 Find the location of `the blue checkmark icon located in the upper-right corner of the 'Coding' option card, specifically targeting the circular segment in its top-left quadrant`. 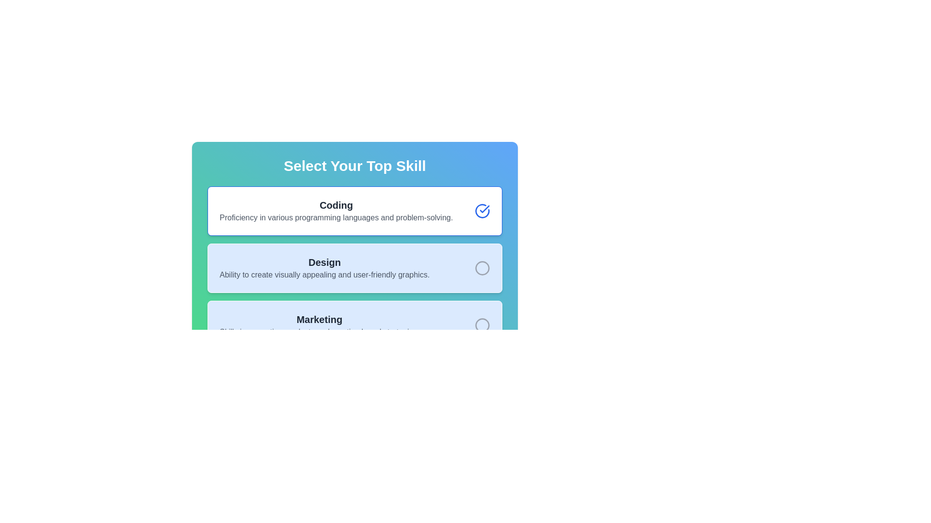

the blue checkmark icon located in the upper-right corner of the 'Coding' option card, specifically targeting the circular segment in its top-left quadrant is located at coordinates (482, 210).